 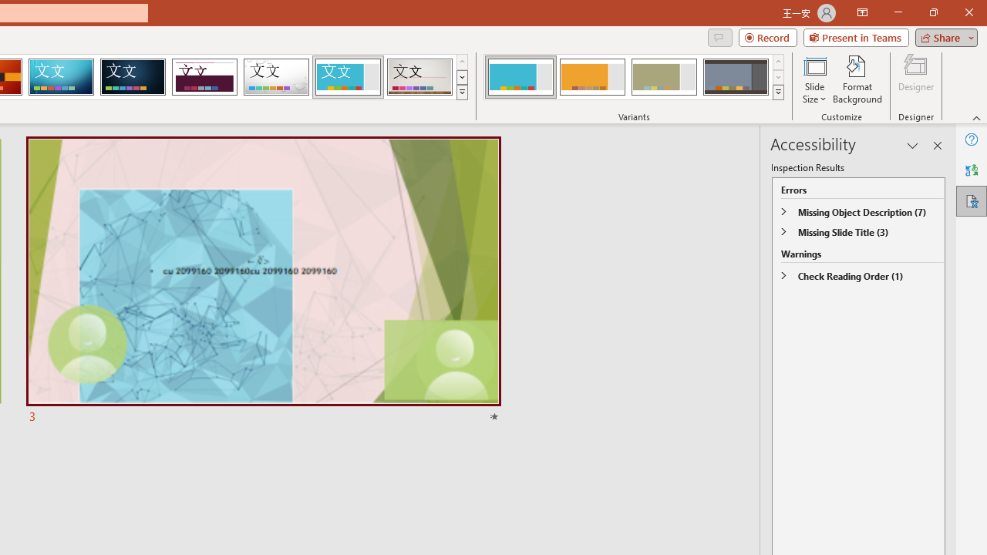 What do you see at coordinates (814, 79) in the screenshot?
I see `'Slide Size'` at bounding box center [814, 79].